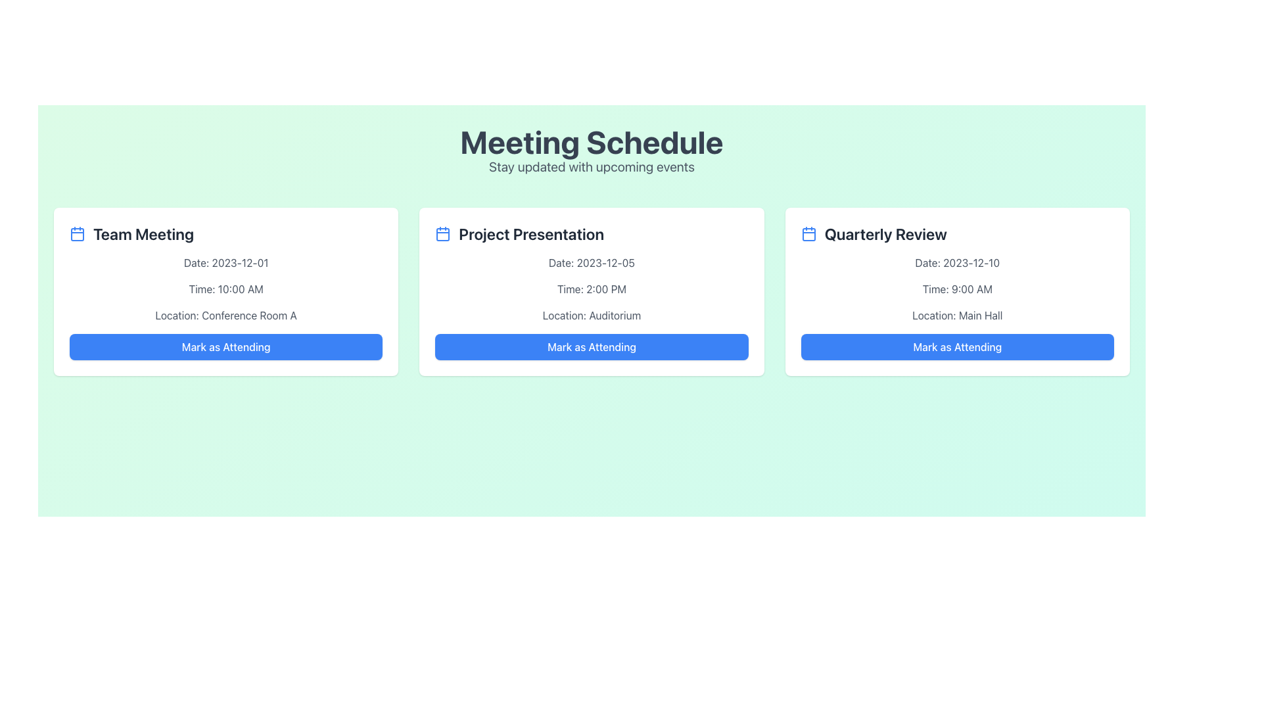 The height and width of the screenshot is (710, 1262). What do you see at coordinates (226, 315) in the screenshot?
I see `the text label that displays 'Location: Conference Room A', which is styled in gray and located within the 'Team Meeting' card, positioned below 'Time: 10:00 AM' and above the 'Mark as Attending' button` at bounding box center [226, 315].